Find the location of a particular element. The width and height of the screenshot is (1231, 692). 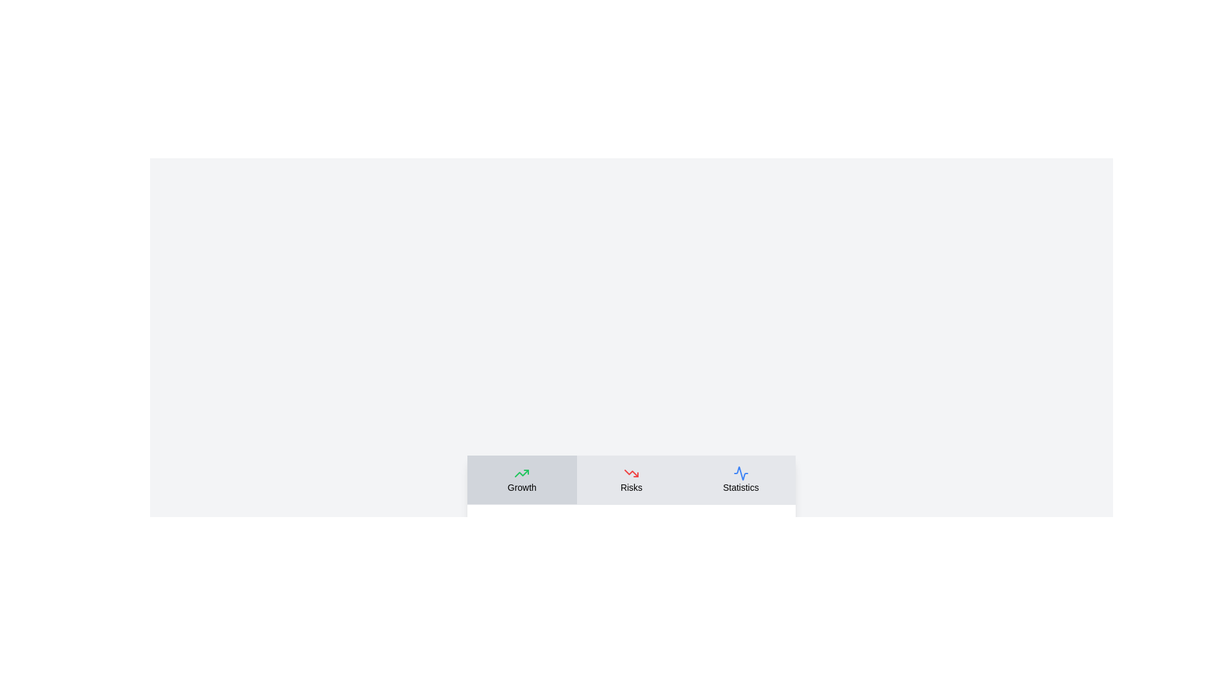

the tab labeled Statistics is located at coordinates (741, 479).